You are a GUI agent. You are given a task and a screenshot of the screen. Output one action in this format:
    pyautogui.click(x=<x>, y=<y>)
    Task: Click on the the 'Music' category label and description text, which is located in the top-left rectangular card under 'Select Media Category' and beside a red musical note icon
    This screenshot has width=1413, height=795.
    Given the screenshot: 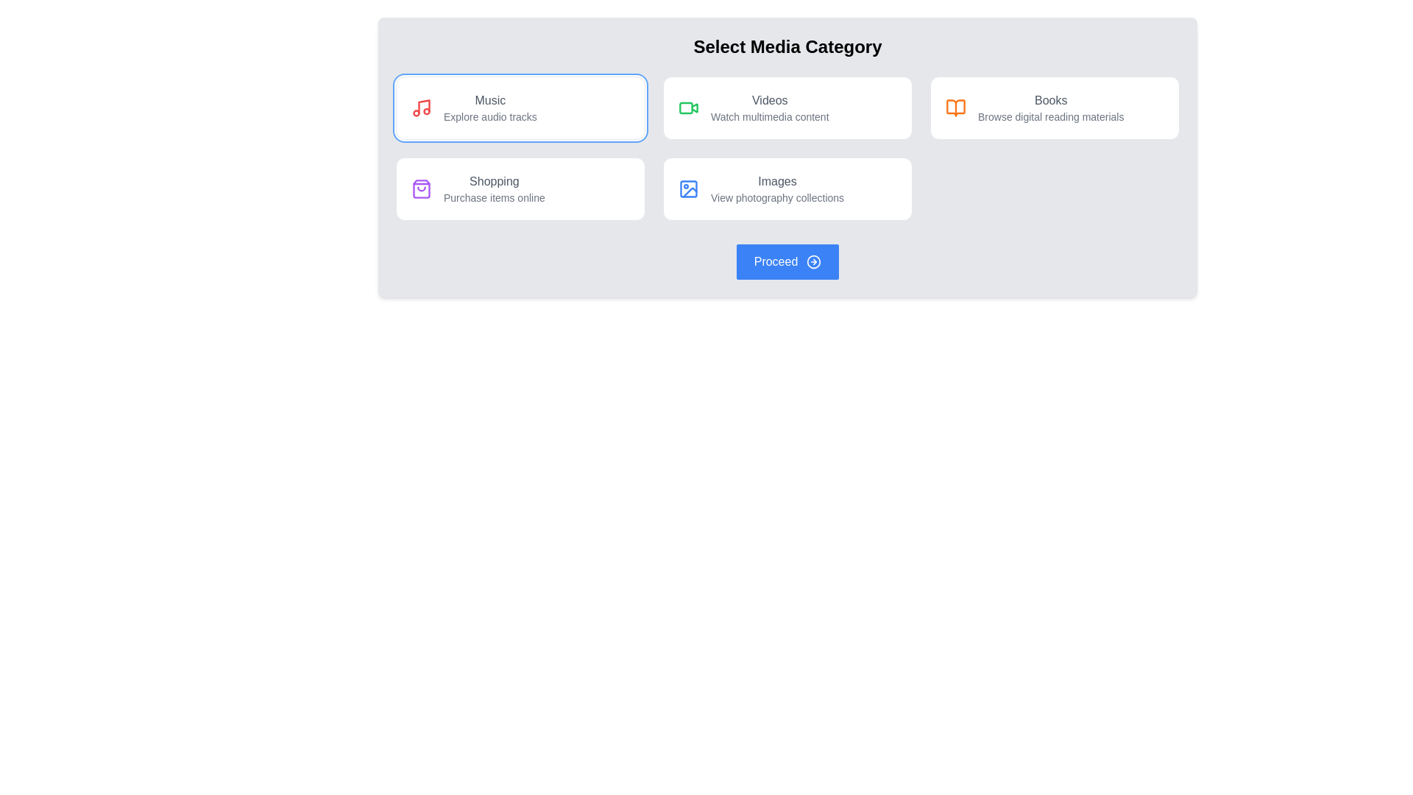 What is the action you would take?
    pyautogui.click(x=490, y=107)
    